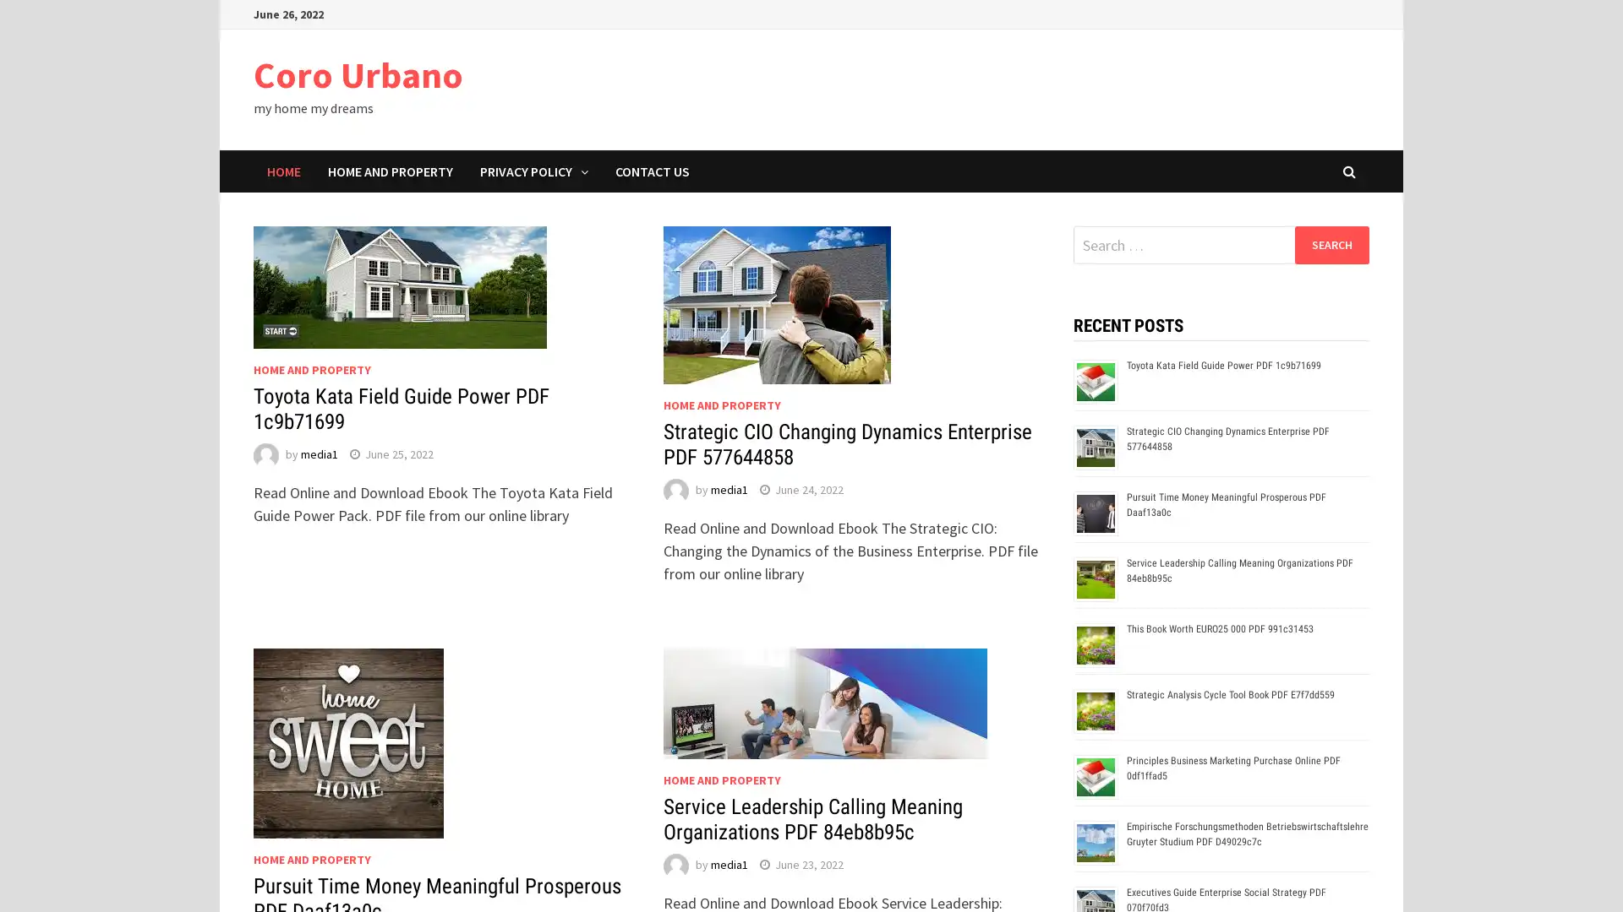  What do you see at coordinates (1331, 244) in the screenshot?
I see `Search` at bounding box center [1331, 244].